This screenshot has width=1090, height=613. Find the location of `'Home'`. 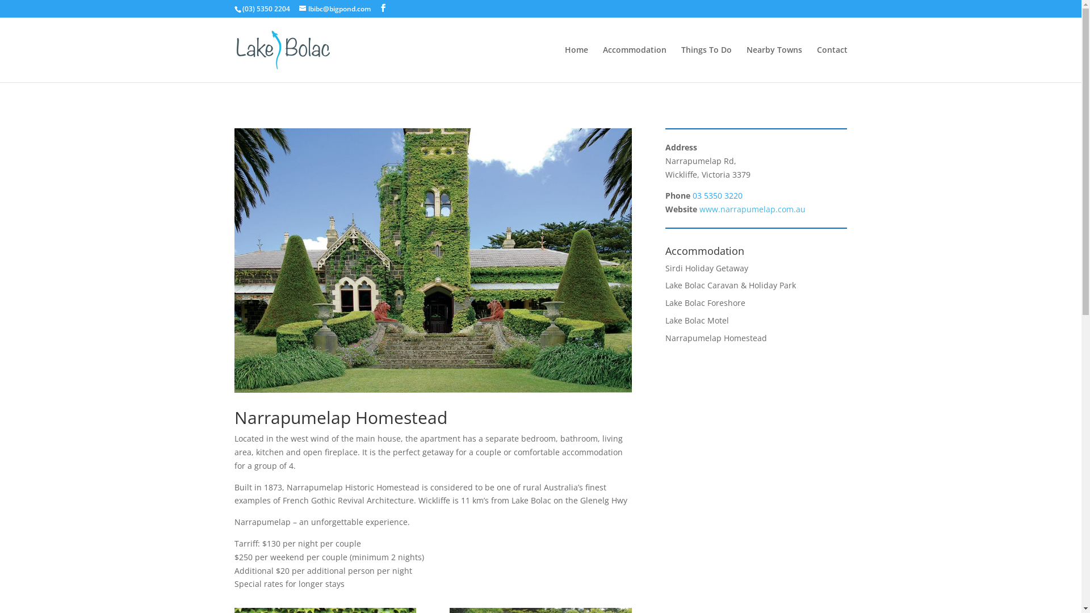

'Home' is located at coordinates (576, 64).